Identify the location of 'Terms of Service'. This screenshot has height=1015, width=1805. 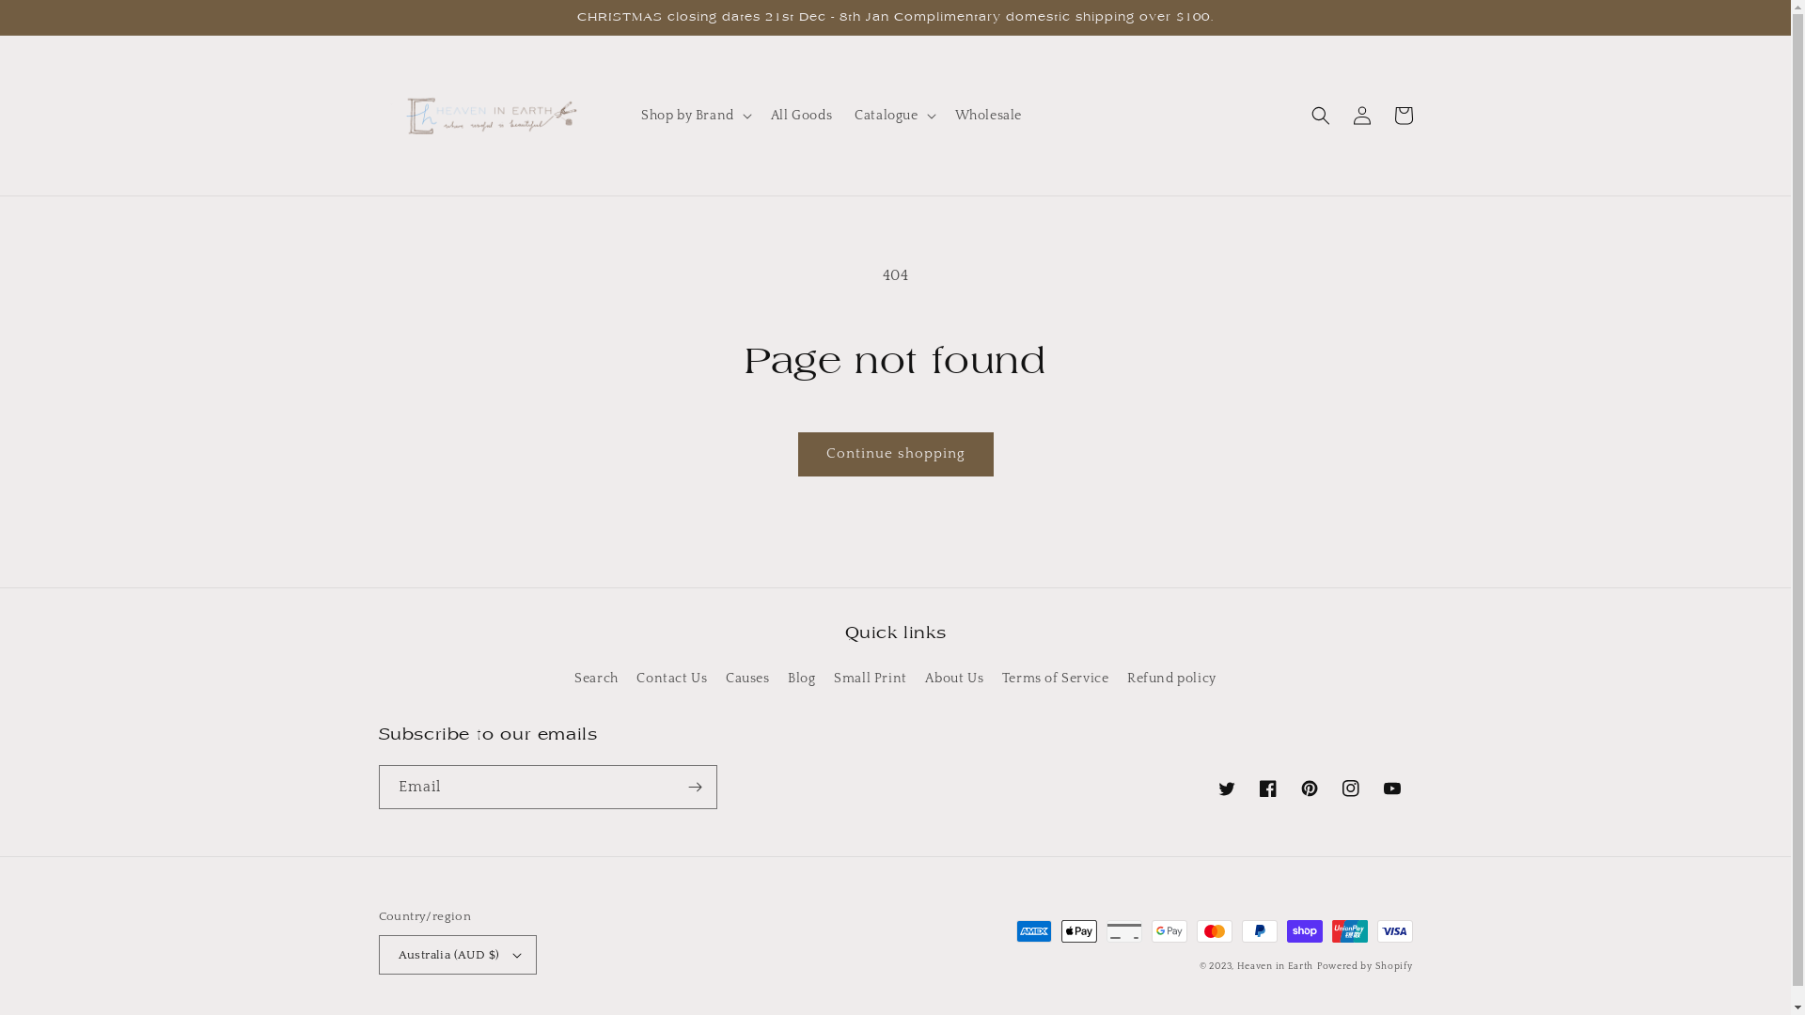
(1056, 679).